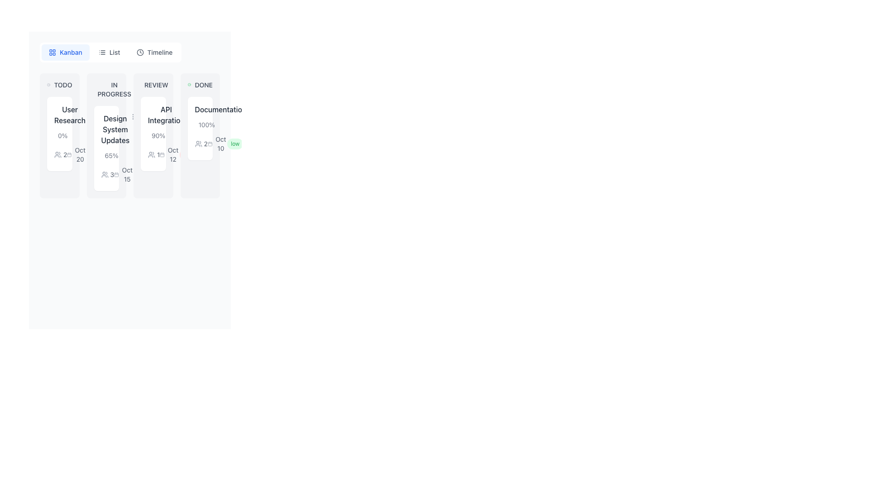 The height and width of the screenshot is (489, 869). What do you see at coordinates (80, 154) in the screenshot?
I see `text label displaying 'Oct 20' located underneath the calendar icon in the 'TODO' column, below the 'User Research' title` at bounding box center [80, 154].